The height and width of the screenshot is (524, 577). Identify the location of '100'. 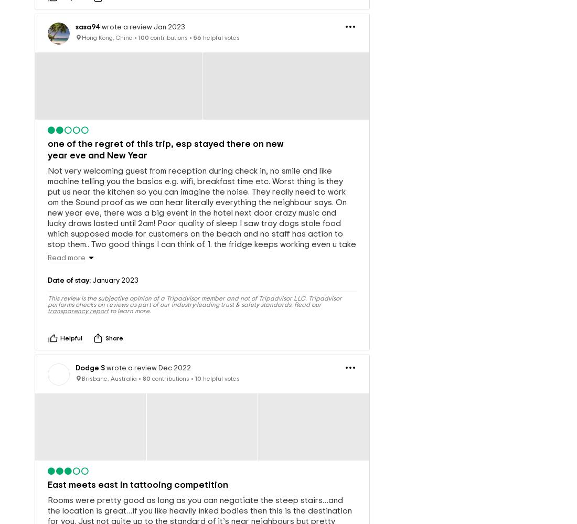
(144, 20).